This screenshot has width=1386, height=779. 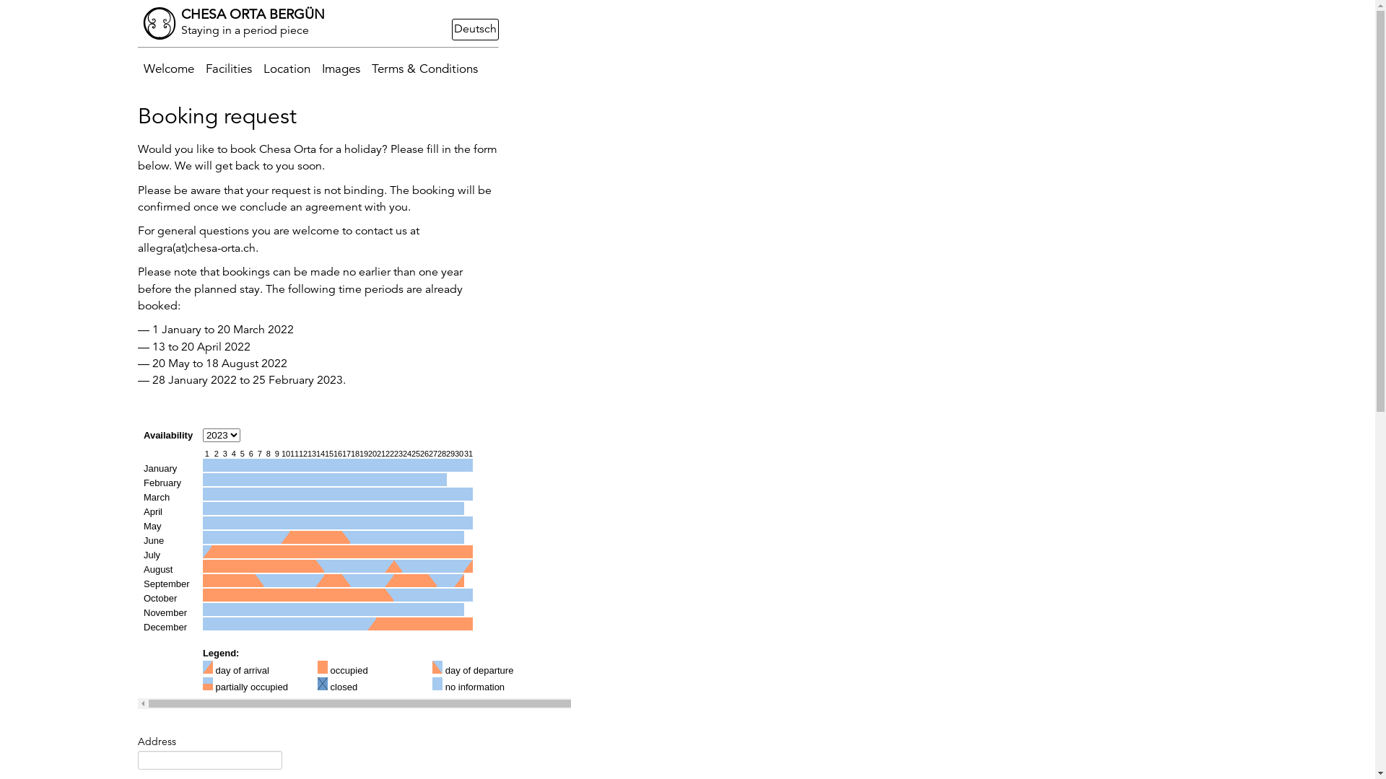 What do you see at coordinates (256, 69) in the screenshot?
I see `'Location'` at bounding box center [256, 69].